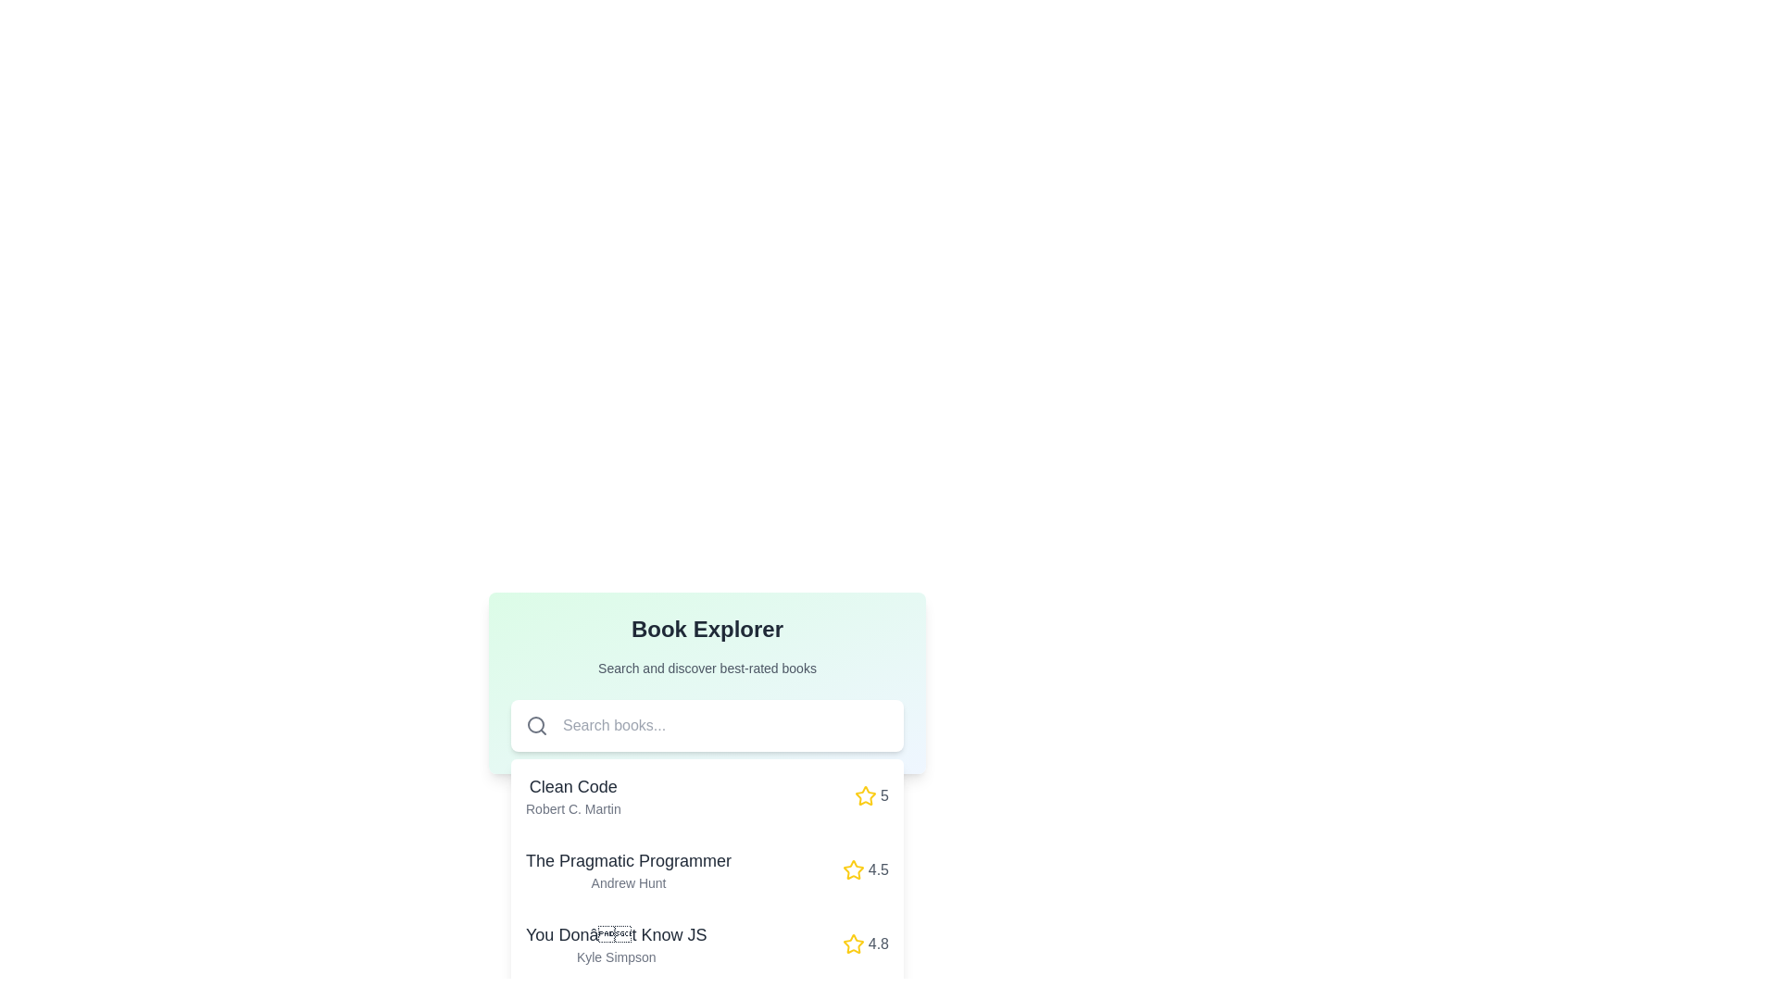  Describe the element at coordinates (616, 935) in the screenshot. I see `the text label displaying the title 'You Don’t Know JS' located in the 'Book Explorer' section, which is the third book title in the list above the author's name 'Kyle Simpson'` at that location.